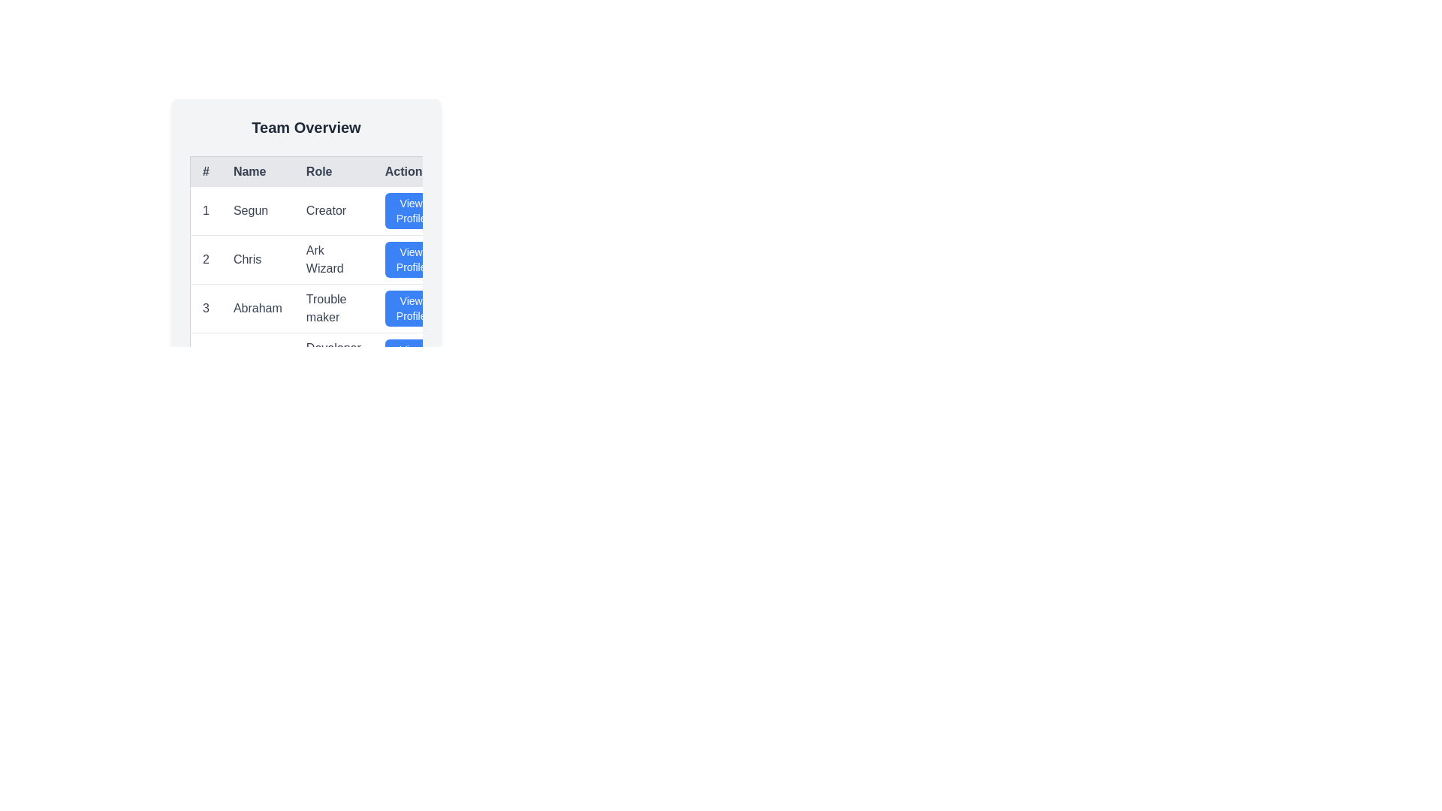  I want to click on the text label displaying 'Ark Wizard' in the table under the 'Role' column corresponding to 'Chris' in the 'Name' column, so click(333, 259).